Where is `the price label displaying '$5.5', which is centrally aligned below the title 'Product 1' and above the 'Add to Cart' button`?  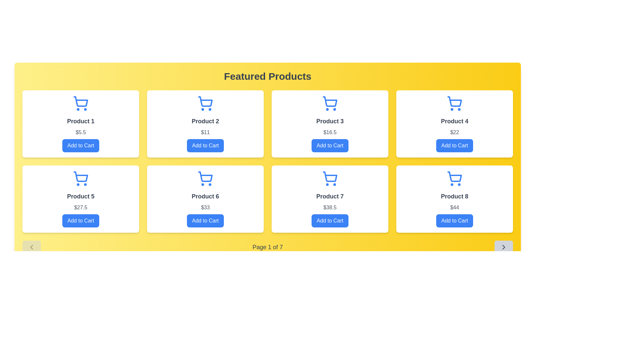
the price label displaying '$5.5', which is centrally aligned below the title 'Product 1' and above the 'Add to Cart' button is located at coordinates (80, 132).